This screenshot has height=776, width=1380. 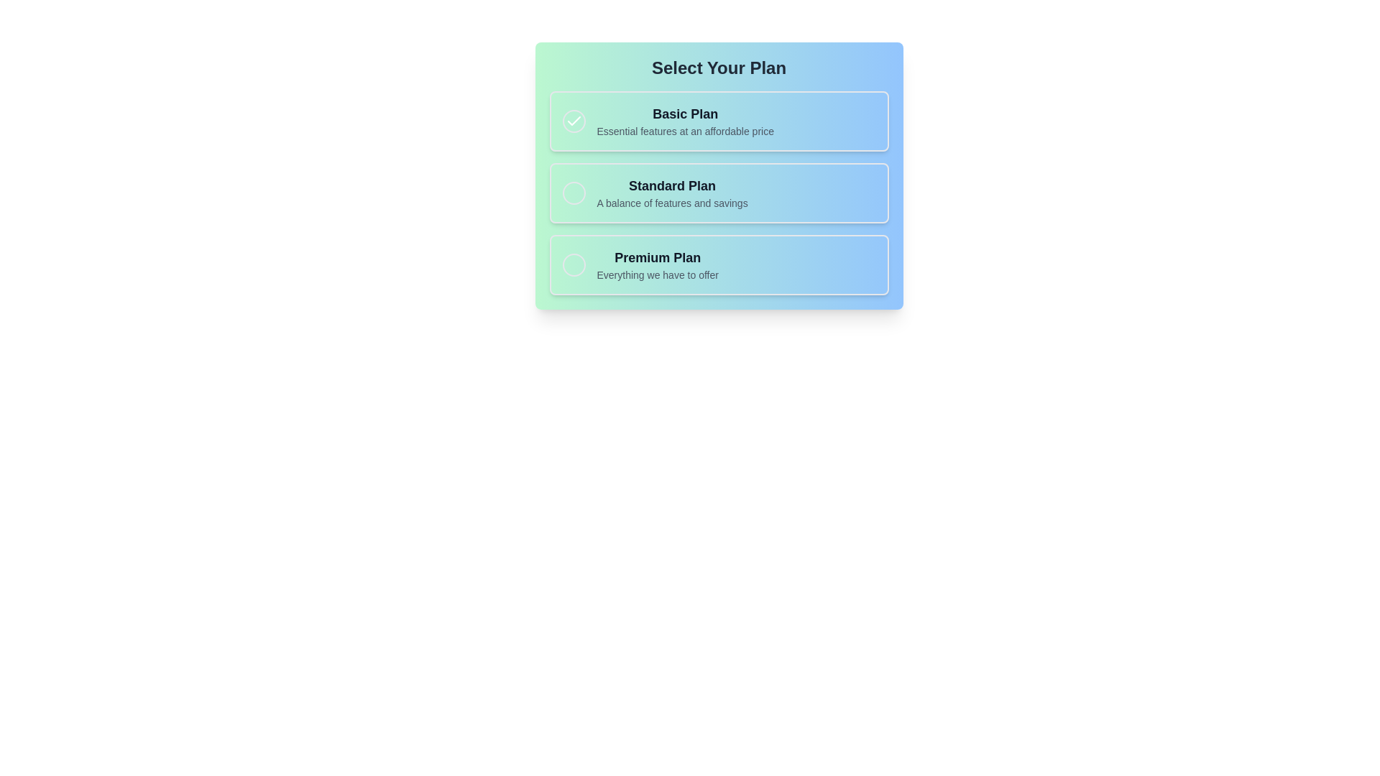 What do you see at coordinates (684, 121) in the screenshot?
I see `the 'Basic Plan' text block, which features a larger bold font for the title and a smaller description below it, situated within a light blue rectangular box with rounded corners in the 'Select Your Plan' section` at bounding box center [684, 121].